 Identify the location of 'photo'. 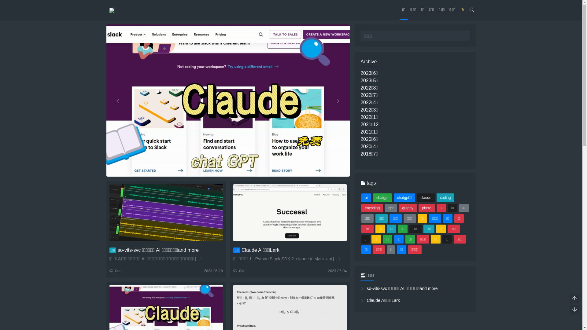
(418, 208).